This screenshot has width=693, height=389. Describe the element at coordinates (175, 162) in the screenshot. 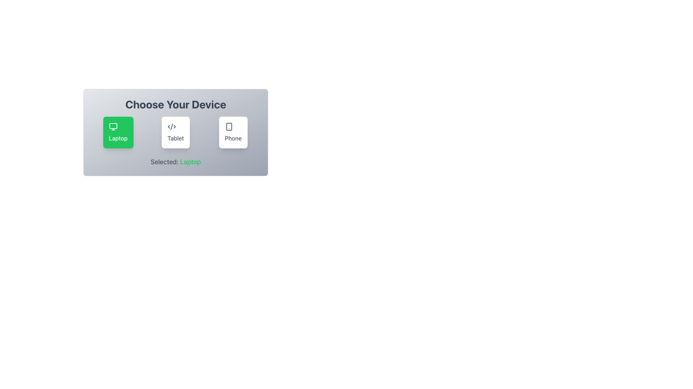

I see `the text label displaying 'Selected: Laptop', which is styled with the word 'Laptop' in green, located at the bottom of the 'Choose Your Device' section` at that location.